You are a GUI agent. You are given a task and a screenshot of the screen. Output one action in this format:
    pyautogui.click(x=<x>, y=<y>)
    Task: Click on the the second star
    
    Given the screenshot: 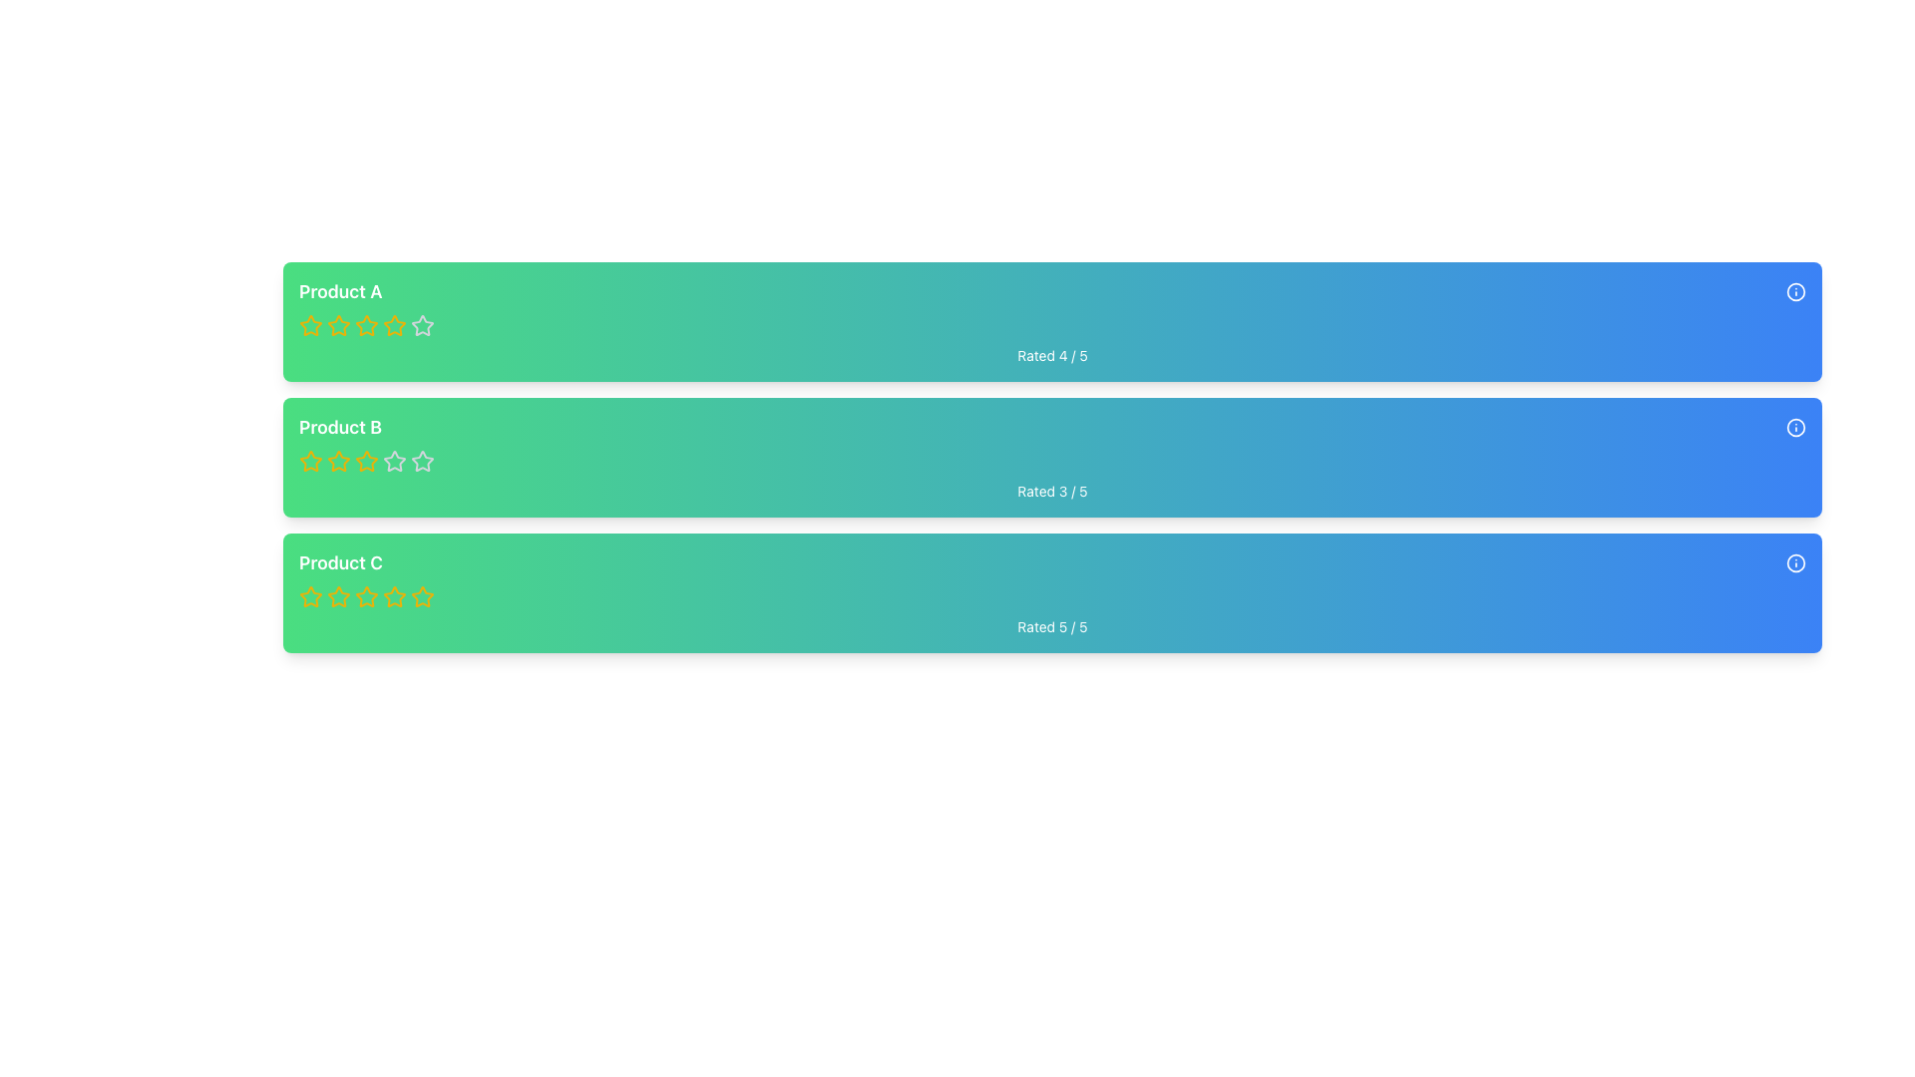 What is the action you would take?
    pyautogui.click(x=394, y=595)
    